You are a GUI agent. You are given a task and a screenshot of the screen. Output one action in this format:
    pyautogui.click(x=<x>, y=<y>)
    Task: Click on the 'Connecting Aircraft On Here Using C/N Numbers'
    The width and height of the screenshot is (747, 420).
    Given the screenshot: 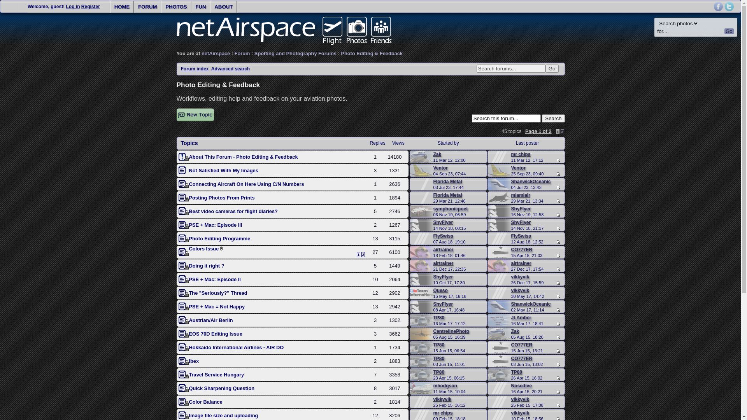 What is the action you would take?
    pyautogui.click(x=246, y=184)
    